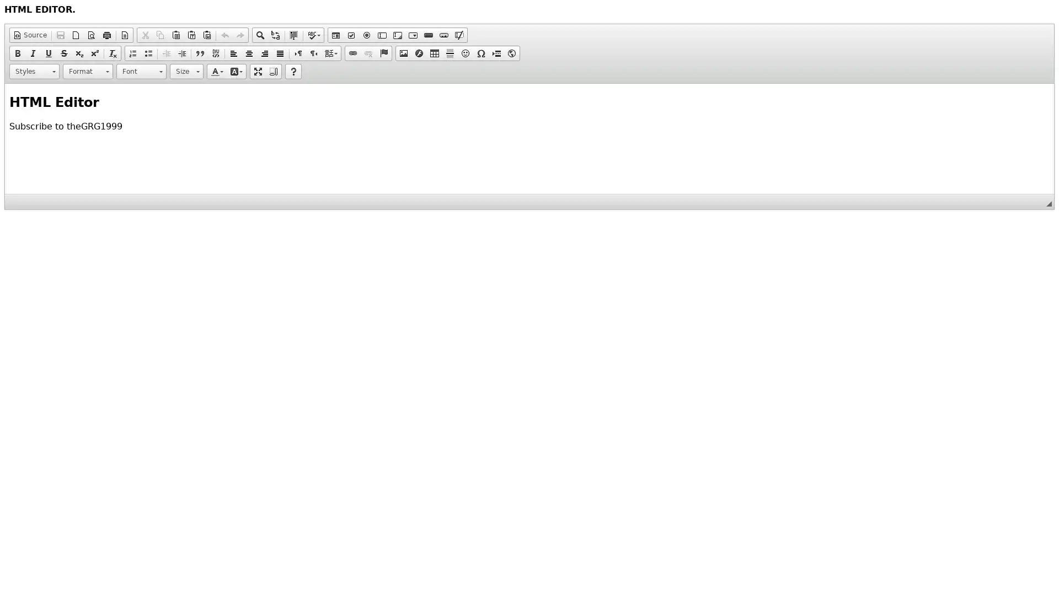  Describe the element at coordinates (384, 53) in the screenshot. I see `Anchor` at that location.